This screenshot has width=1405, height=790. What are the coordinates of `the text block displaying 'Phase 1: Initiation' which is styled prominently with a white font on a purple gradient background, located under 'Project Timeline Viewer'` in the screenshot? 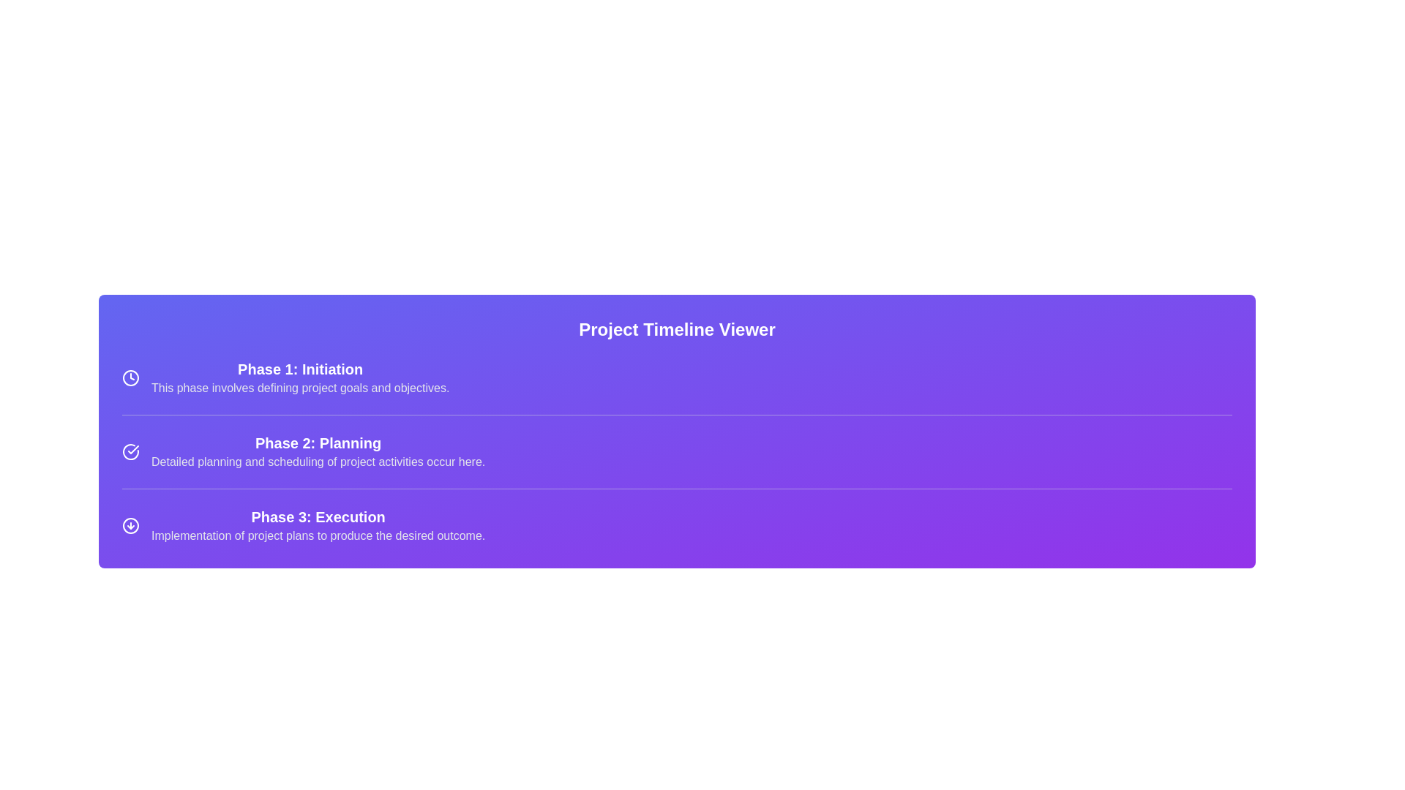 It's located at (299, 377).